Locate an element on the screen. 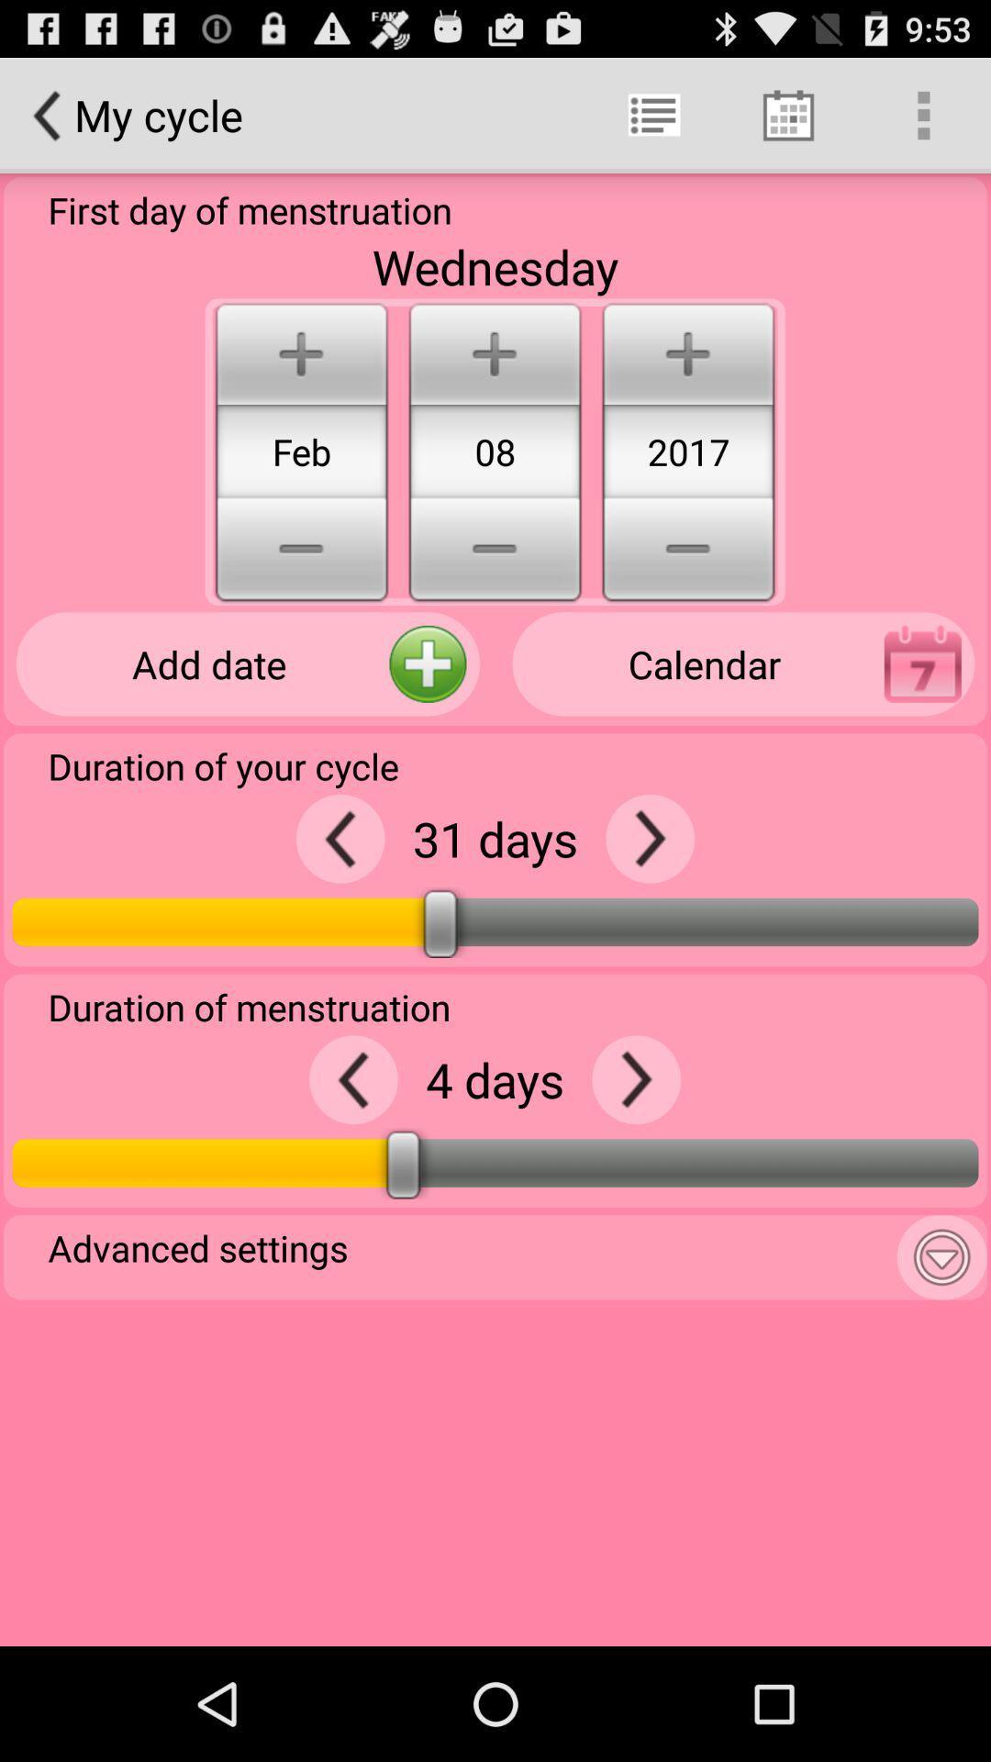  increase number of menstruation days is located at coordinates (635, 1079).